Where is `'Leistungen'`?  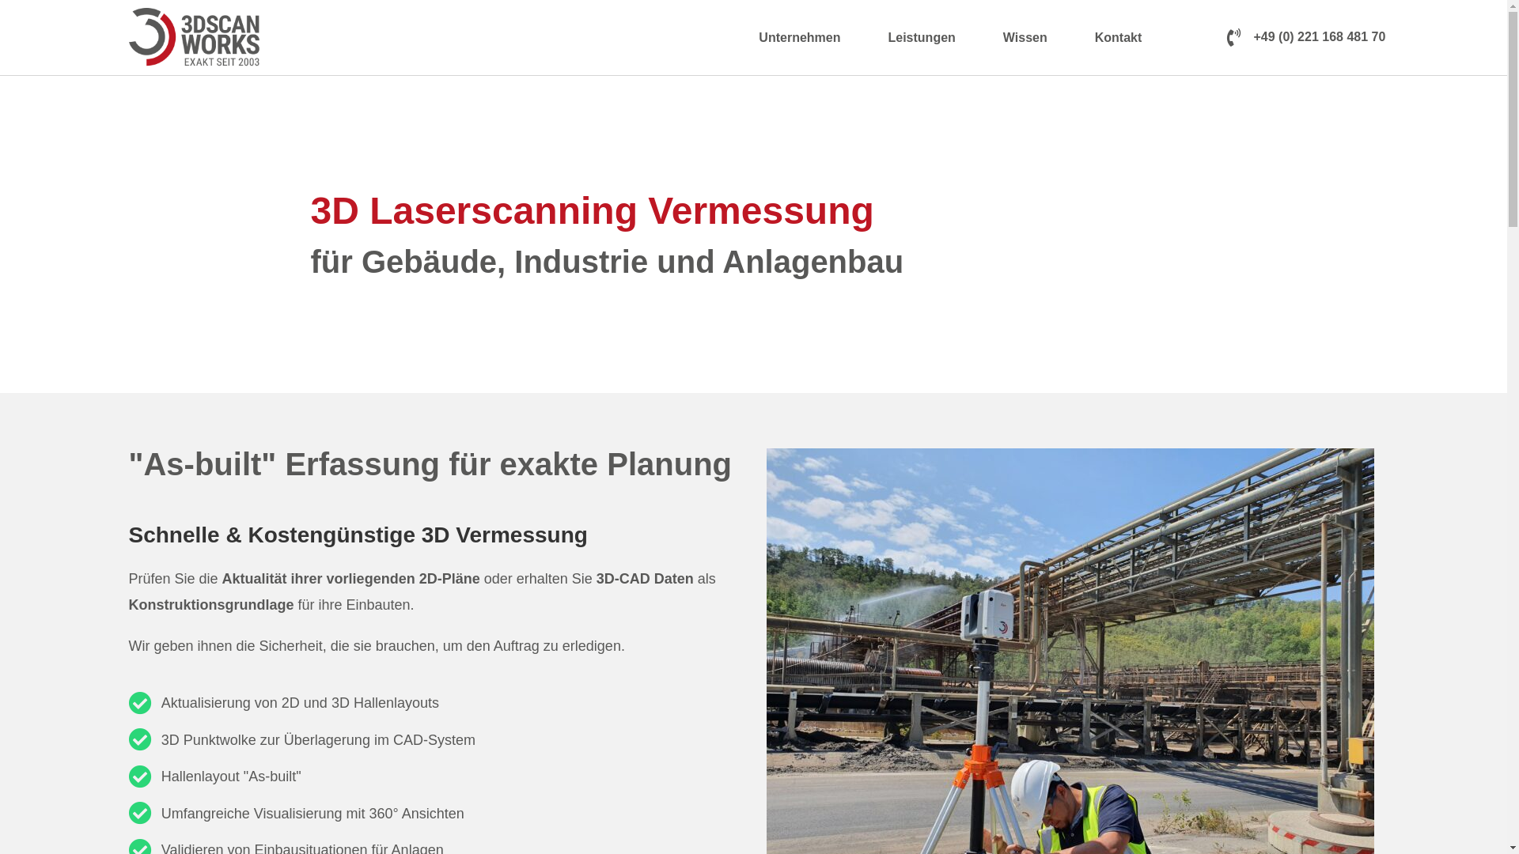
'Leistungen' is located at coordinates (867, 36).